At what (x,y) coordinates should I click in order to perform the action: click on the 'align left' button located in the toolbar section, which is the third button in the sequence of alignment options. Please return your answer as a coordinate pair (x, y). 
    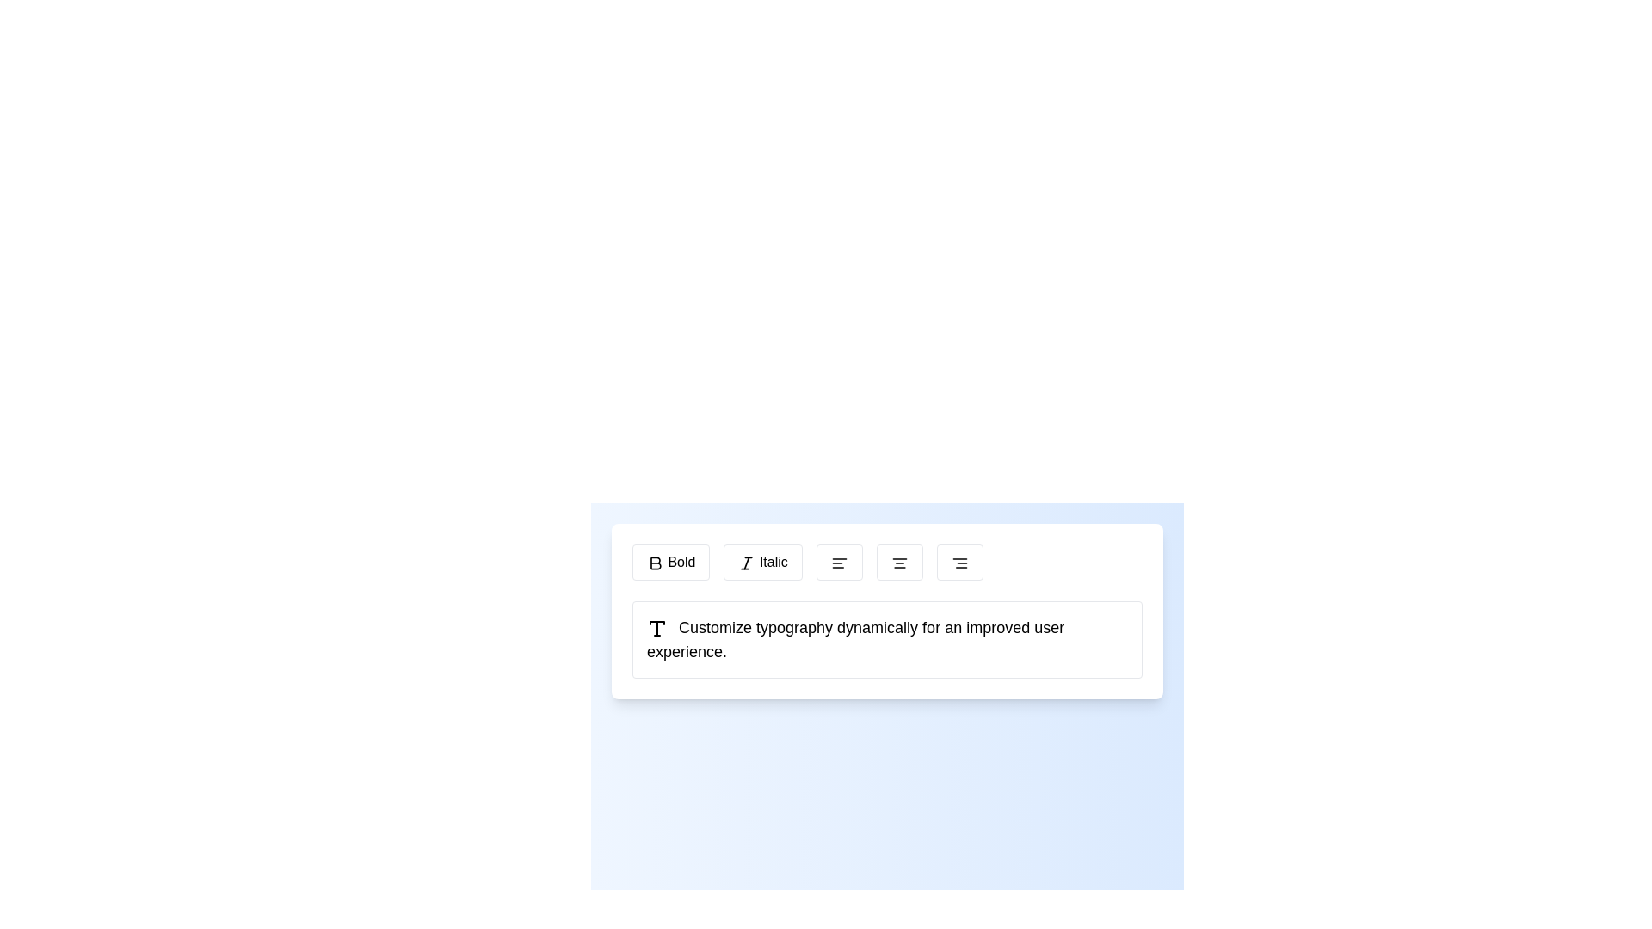
    Looking at the image, I should click on (839, 563).